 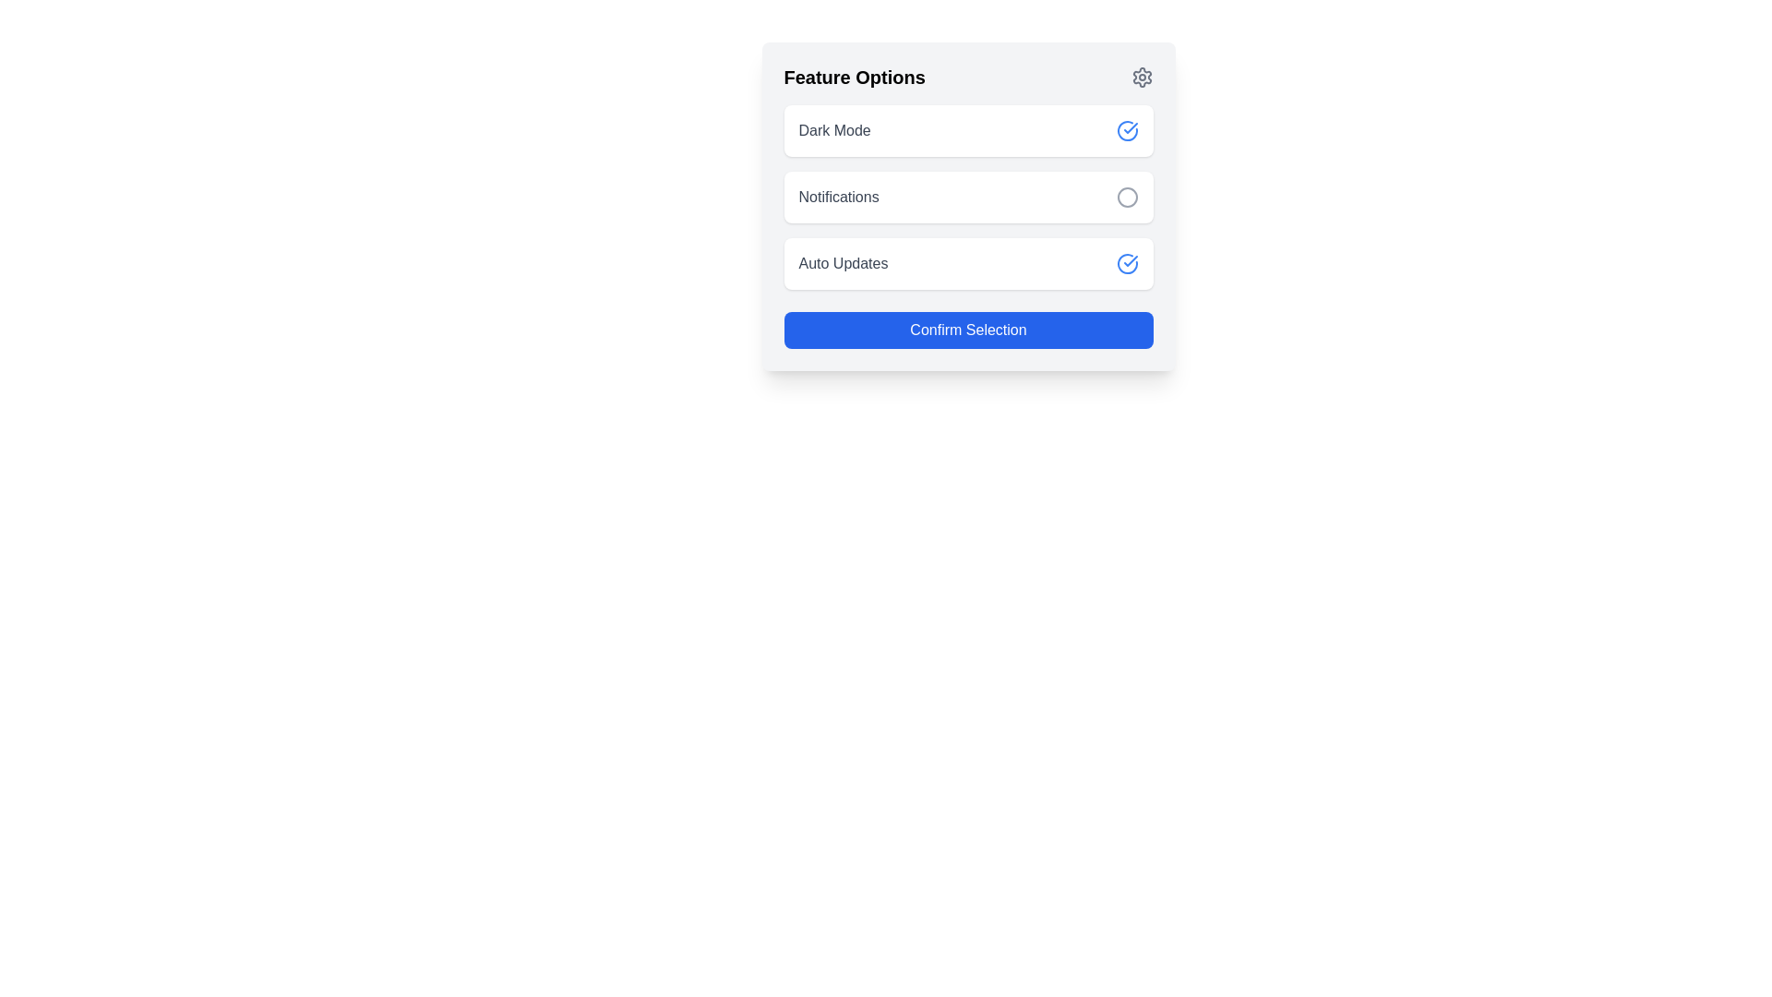 I want to click on the gear or settings icon located in the upper right corner of the interface, next to 'Feature Options', so click(x=1141, y=77).